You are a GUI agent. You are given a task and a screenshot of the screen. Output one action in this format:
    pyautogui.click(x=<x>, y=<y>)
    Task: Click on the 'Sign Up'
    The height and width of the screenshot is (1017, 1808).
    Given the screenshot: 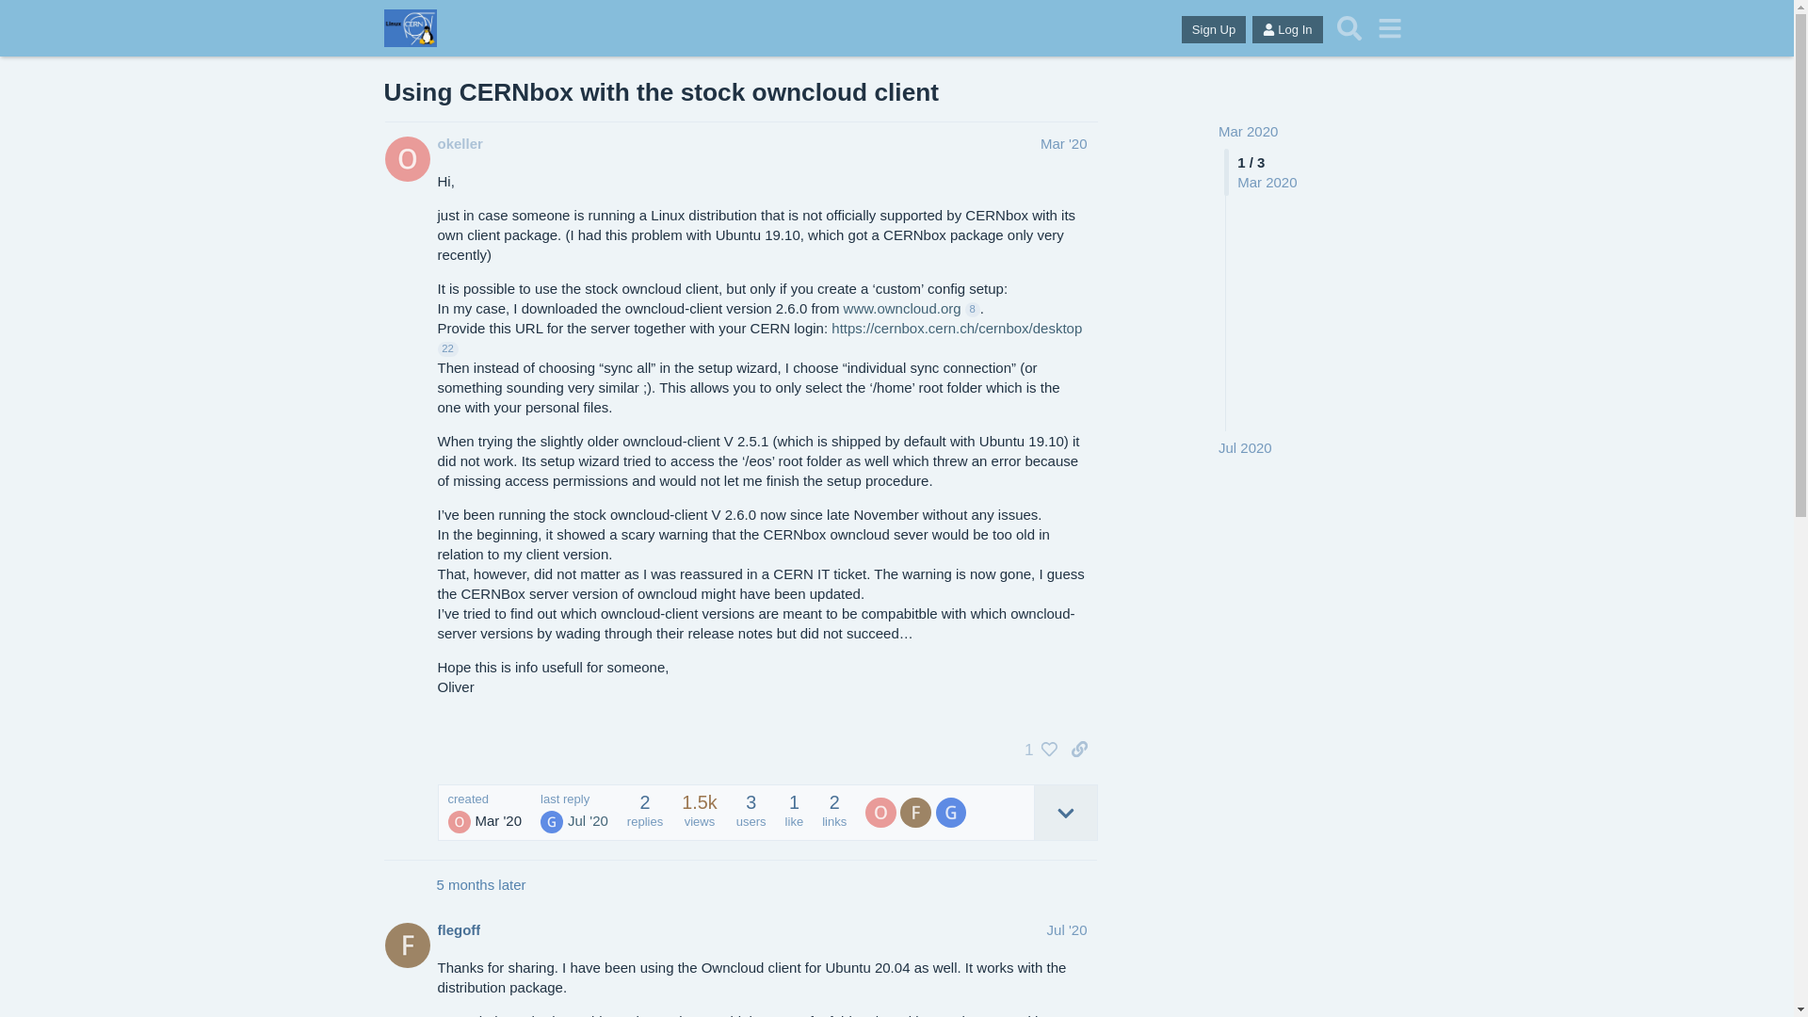 What is the action you would take?
    pyautogui.click(x=1214, y=29)
    